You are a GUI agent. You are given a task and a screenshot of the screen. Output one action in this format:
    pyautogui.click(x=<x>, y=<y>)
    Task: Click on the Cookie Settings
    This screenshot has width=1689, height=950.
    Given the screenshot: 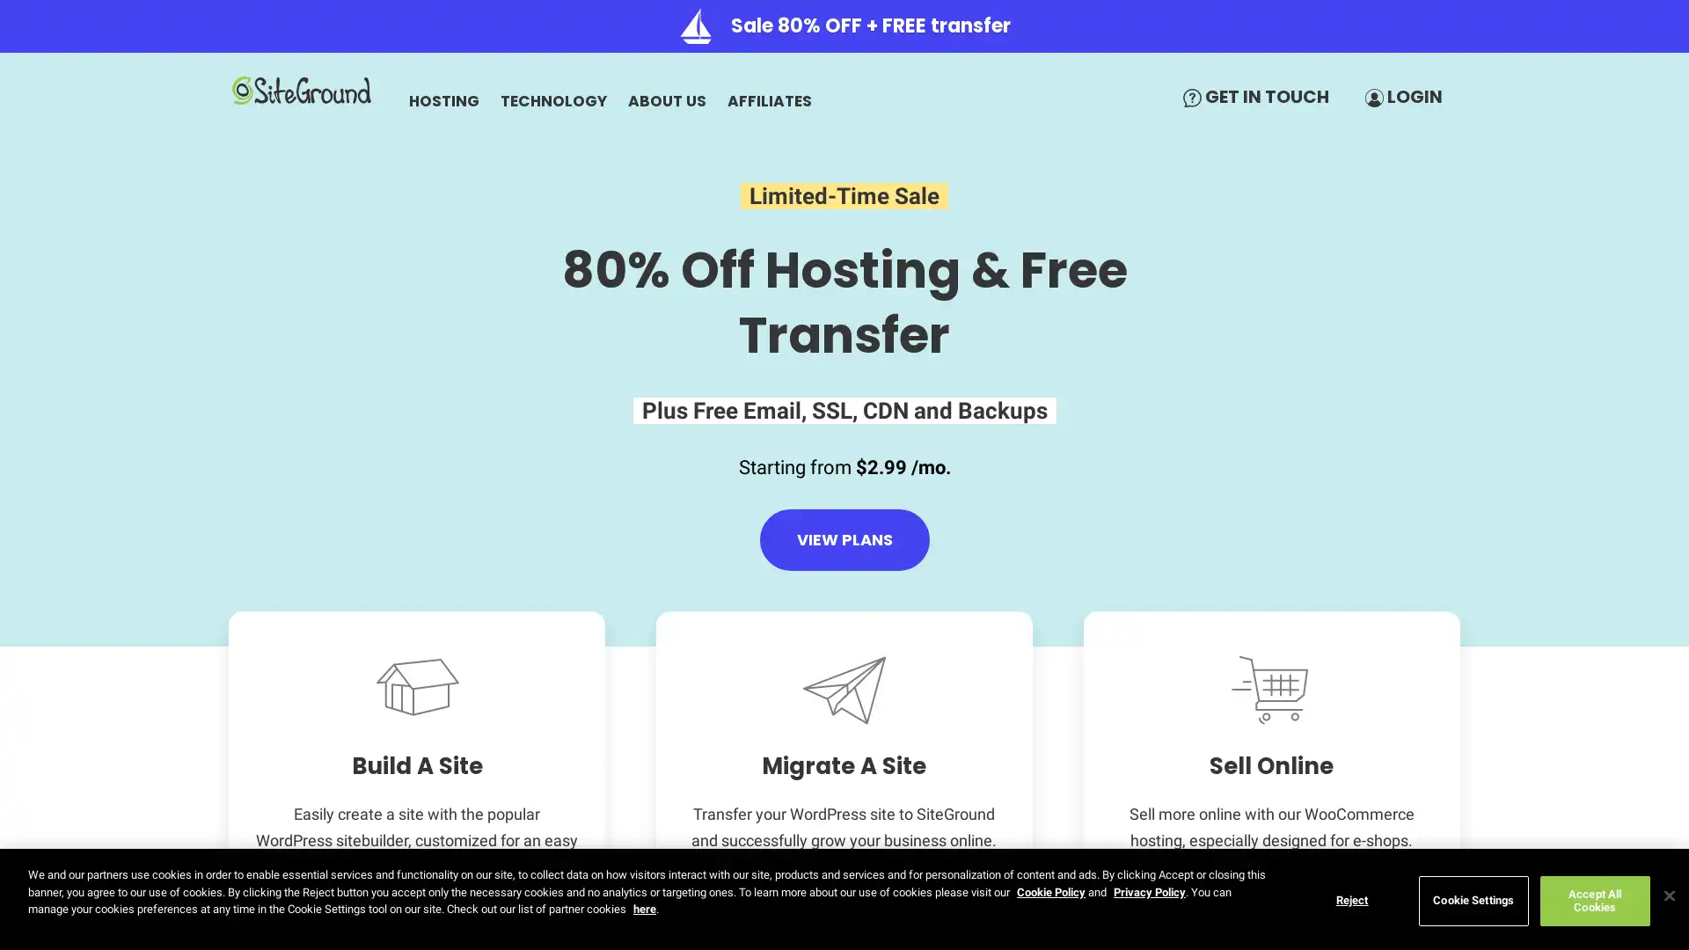 What is the action you would take?
    pyautogui.click(x=1473, y=900)
    